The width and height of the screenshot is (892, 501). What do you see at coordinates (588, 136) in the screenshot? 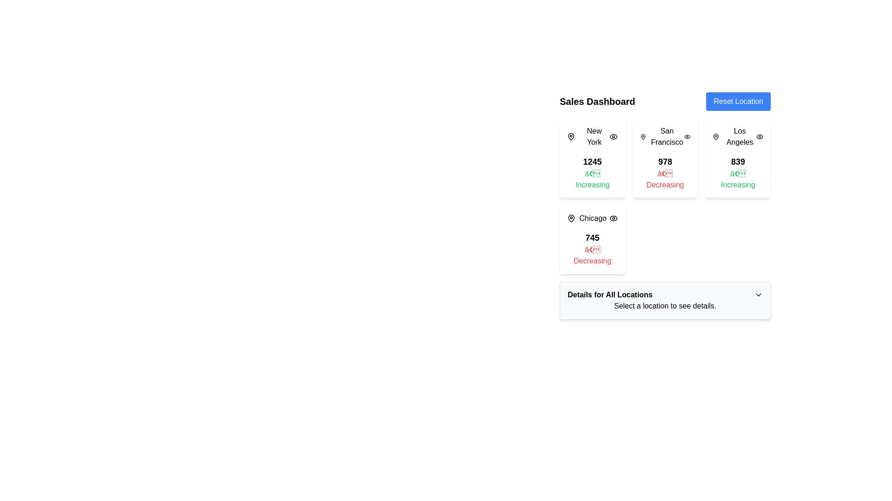
I see `the 'New York' text label with location pin icon located at the top-left corner of the Sales Dashboard section` at bounding box center [588, 136].